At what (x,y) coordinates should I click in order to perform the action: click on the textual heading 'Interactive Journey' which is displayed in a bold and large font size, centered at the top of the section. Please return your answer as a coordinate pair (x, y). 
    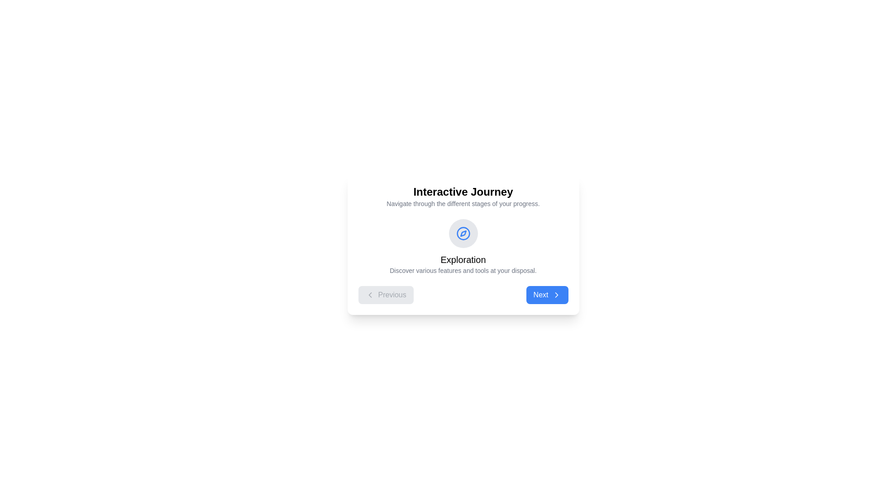
    Looking at the image, I should click on (463, 191).